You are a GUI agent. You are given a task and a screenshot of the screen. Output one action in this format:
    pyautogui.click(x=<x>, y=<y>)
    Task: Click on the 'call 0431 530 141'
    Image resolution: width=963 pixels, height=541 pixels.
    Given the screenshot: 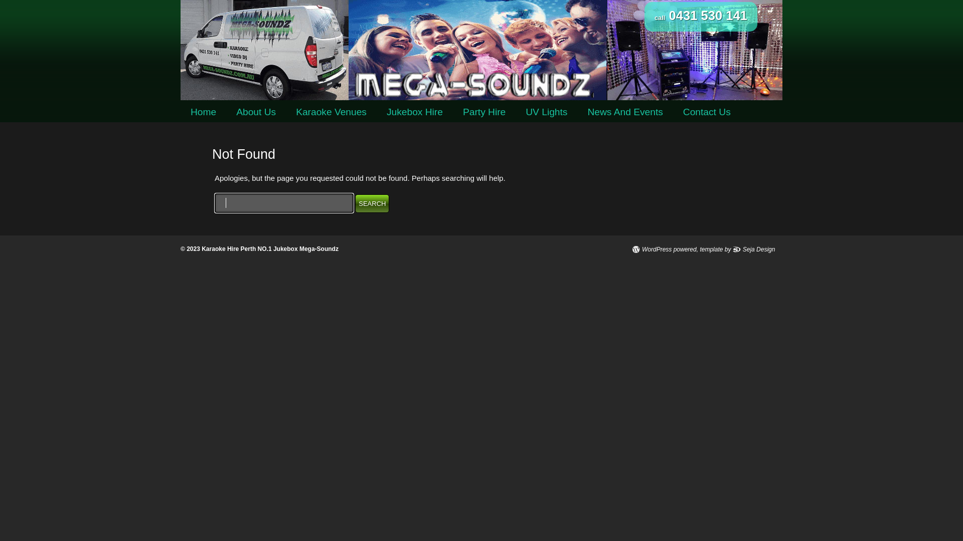 What is the action you would take?
    pyautogui.click(x=700, y=17)
    